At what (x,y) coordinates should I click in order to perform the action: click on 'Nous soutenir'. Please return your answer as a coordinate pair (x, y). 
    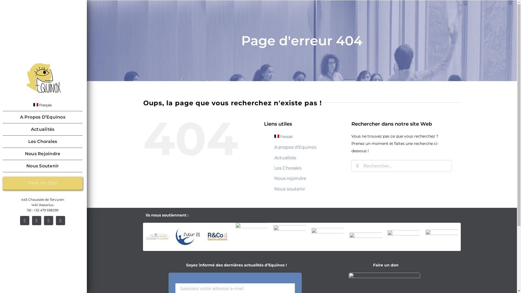
    Looking at the image, I should click on (274, 189).